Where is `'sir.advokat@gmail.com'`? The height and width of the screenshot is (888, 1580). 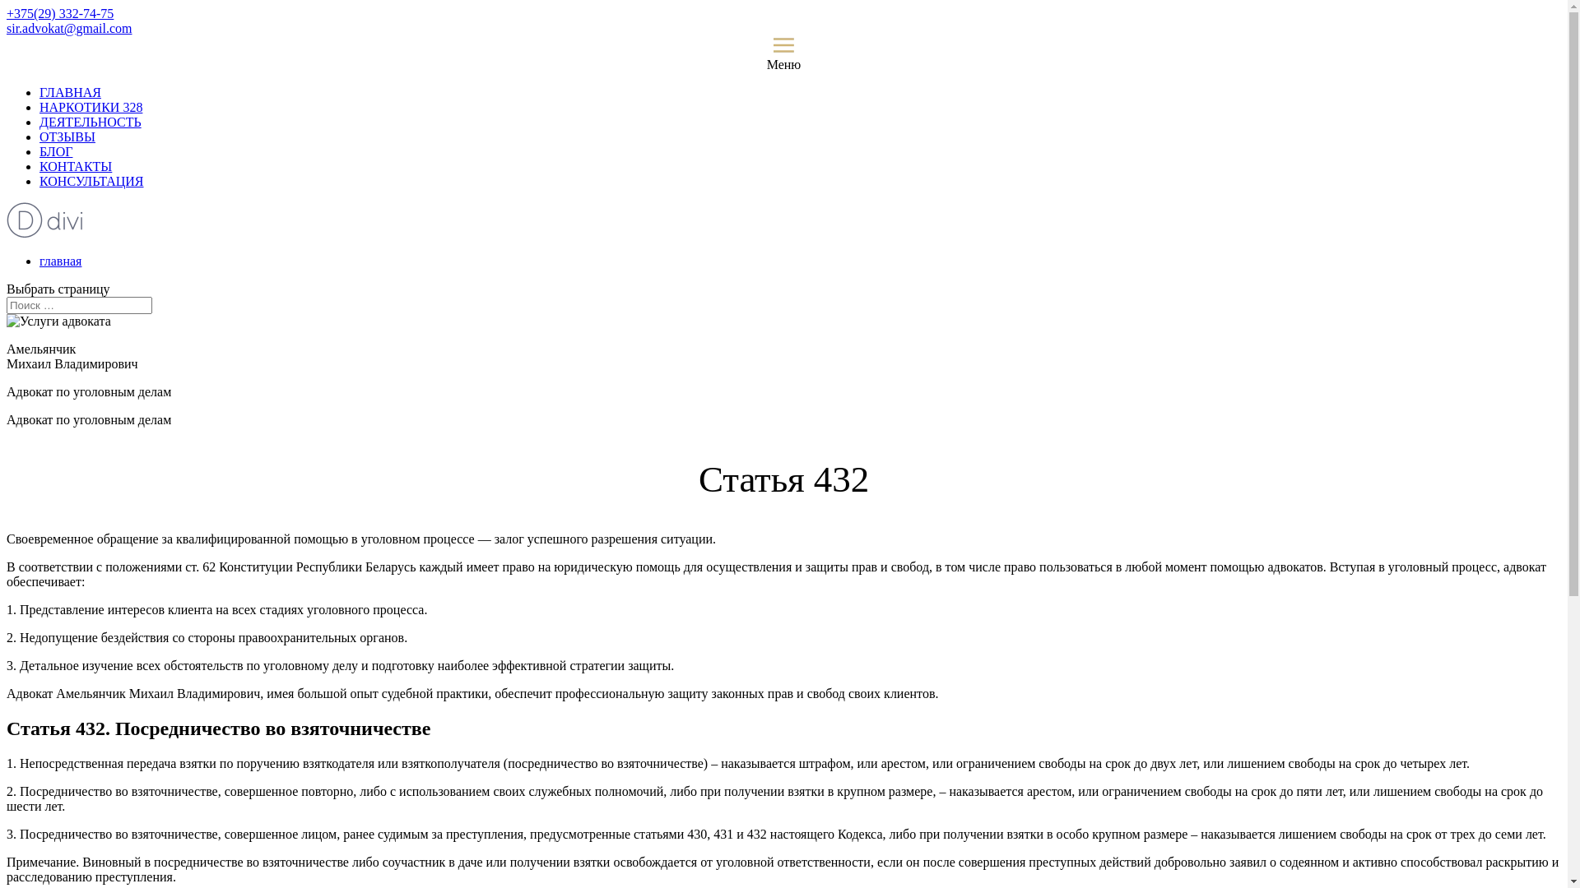 'sir.advokat@gmail.com' is located at coordinates (67, 28).